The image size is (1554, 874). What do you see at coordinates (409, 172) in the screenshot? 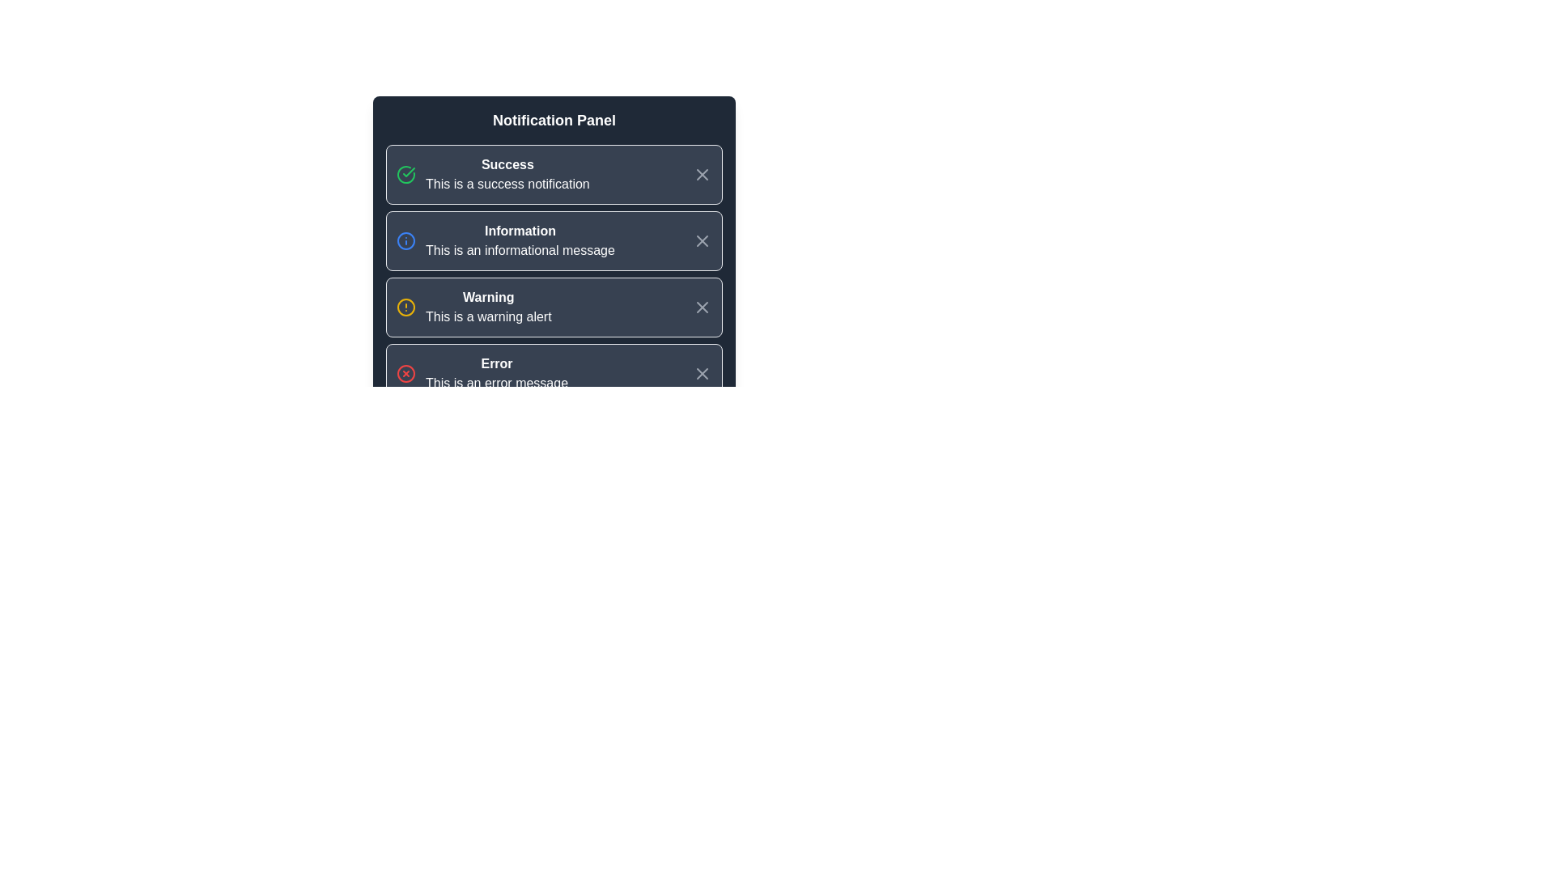
I see `the green checkmark icon within the 'Success' notification entry in the notification panel to indicate a success message` at bounding box center [409, 172].